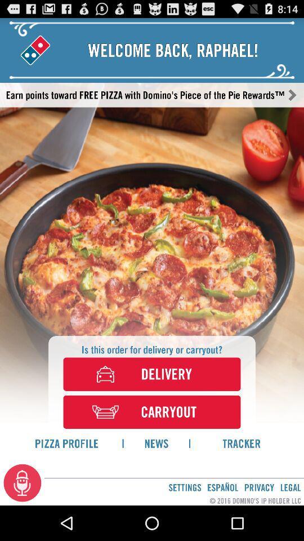  I want to click on the app to the left of legal app, so click(259, 487).